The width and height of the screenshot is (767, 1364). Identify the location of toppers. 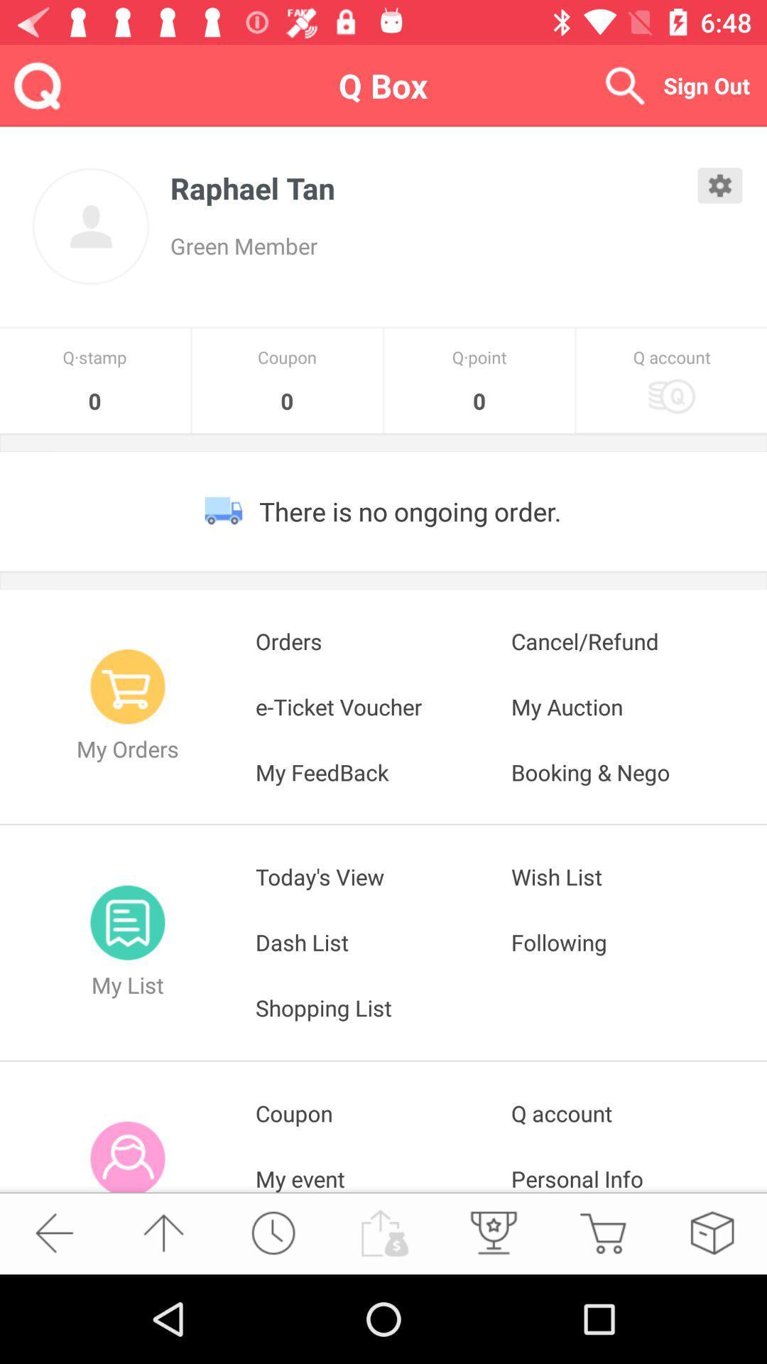
(491, 1232).